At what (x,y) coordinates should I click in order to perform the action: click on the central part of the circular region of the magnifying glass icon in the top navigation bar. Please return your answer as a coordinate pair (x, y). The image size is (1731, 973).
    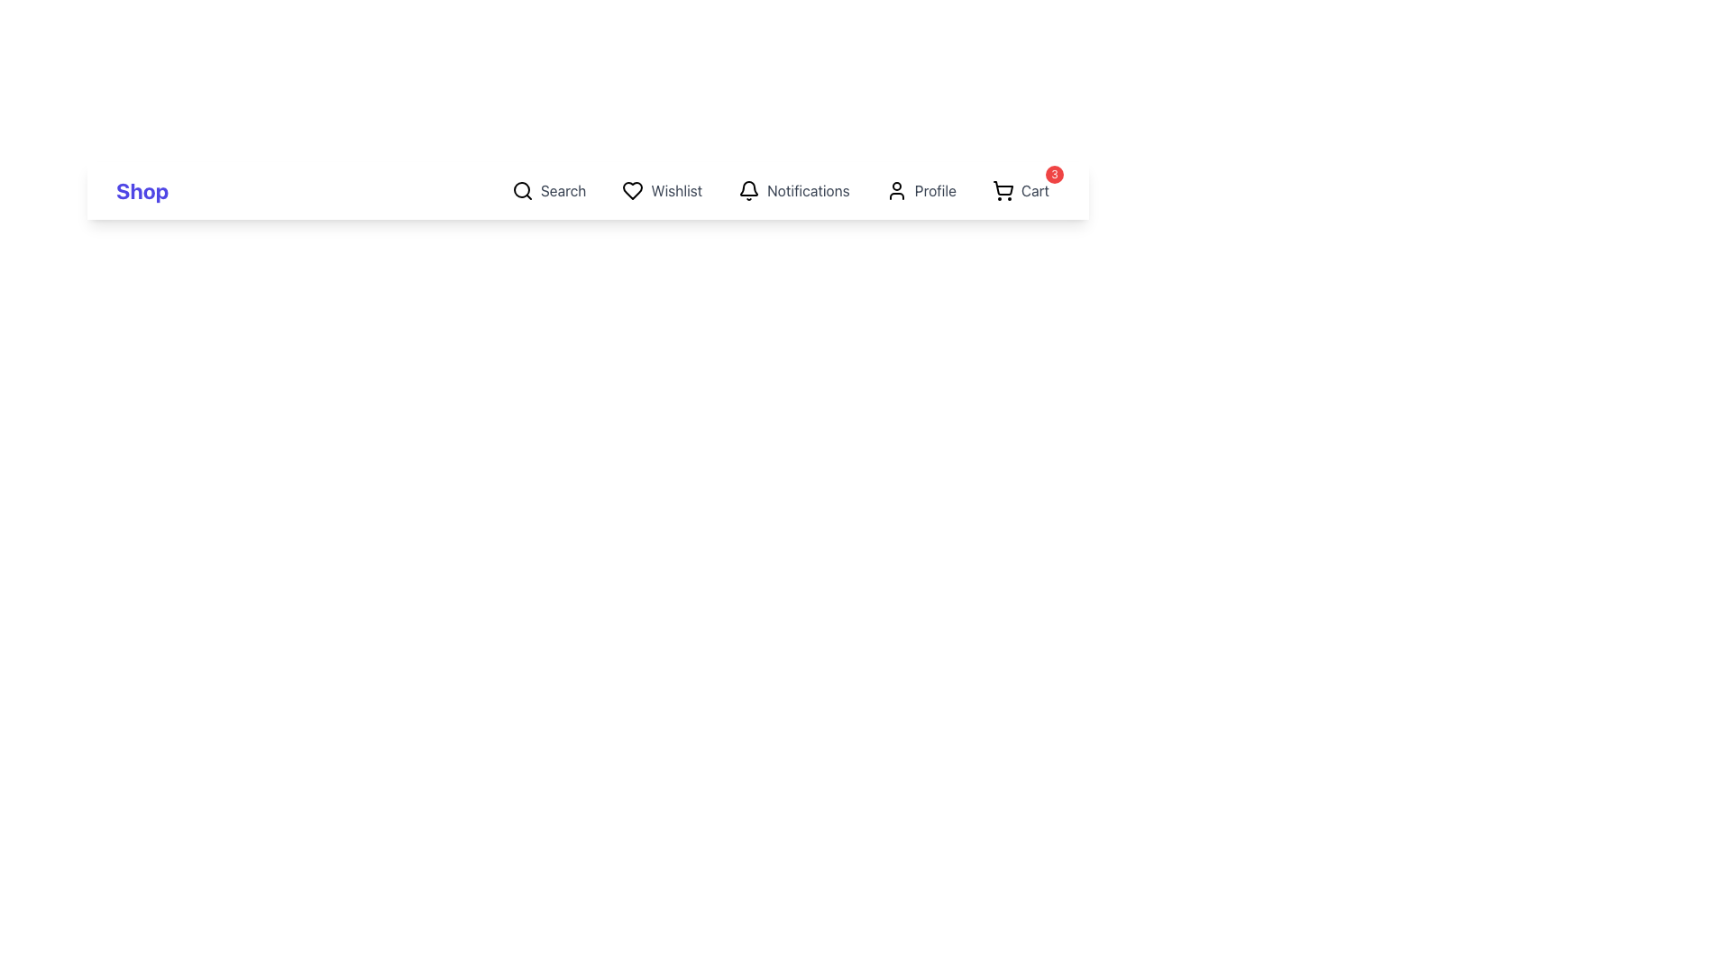
    Looking at the image, I should click on (520, 190).